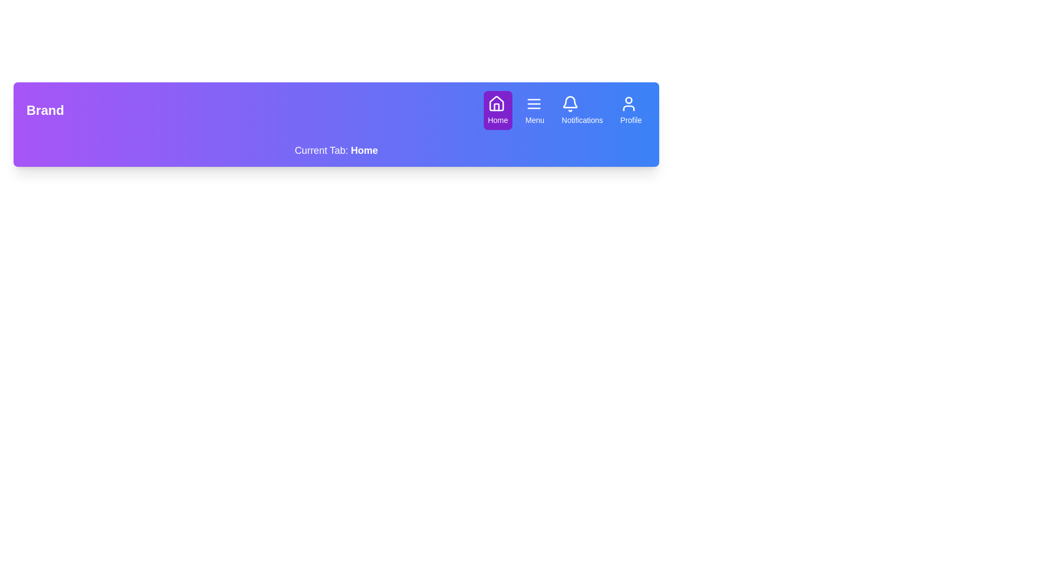  What do you see at coordinates (364, 150) in the screenshot?
I see `the static text label indicating the currently selected tab, which displays 'Current Tab: Home'` at bounding box center [364, 150].